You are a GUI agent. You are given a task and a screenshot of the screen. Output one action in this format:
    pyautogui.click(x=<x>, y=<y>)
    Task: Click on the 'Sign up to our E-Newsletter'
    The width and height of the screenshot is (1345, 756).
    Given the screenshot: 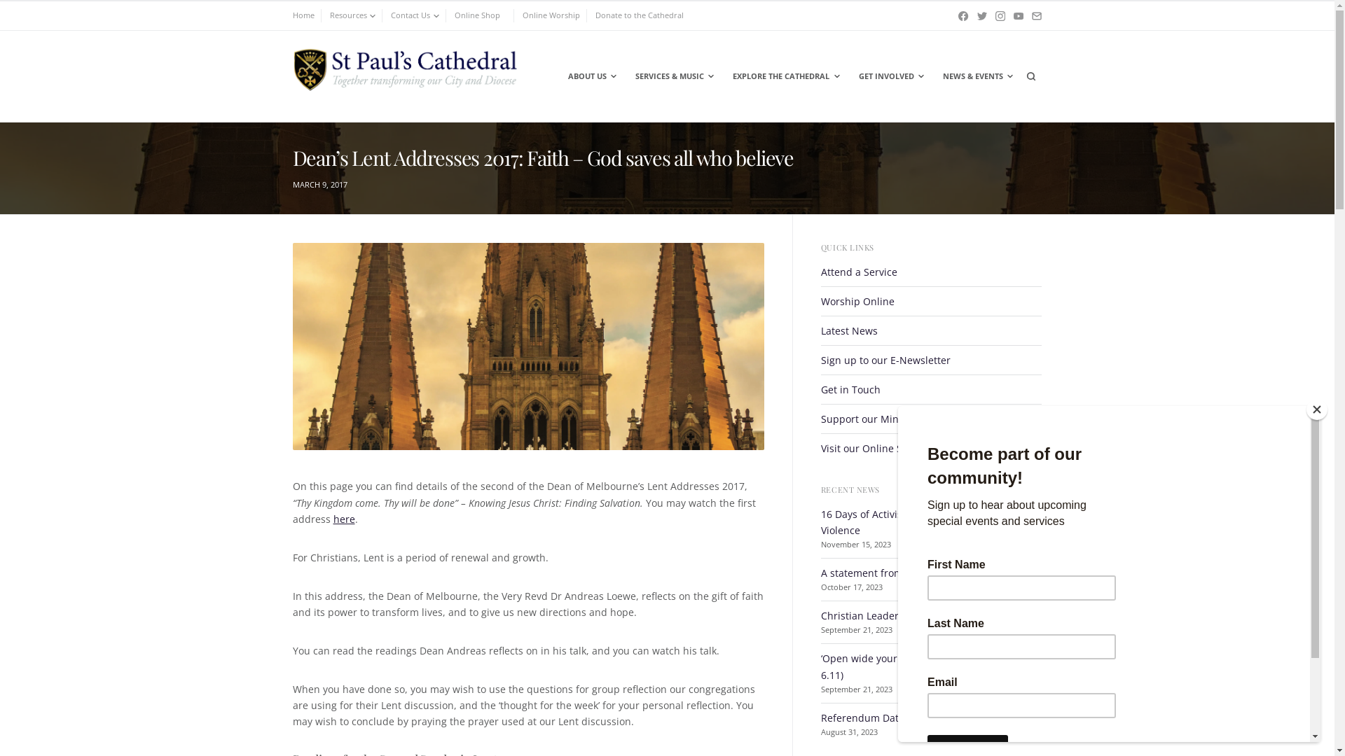 What is the action you would take?
    pyautogui.click(x=885, y=359)
    